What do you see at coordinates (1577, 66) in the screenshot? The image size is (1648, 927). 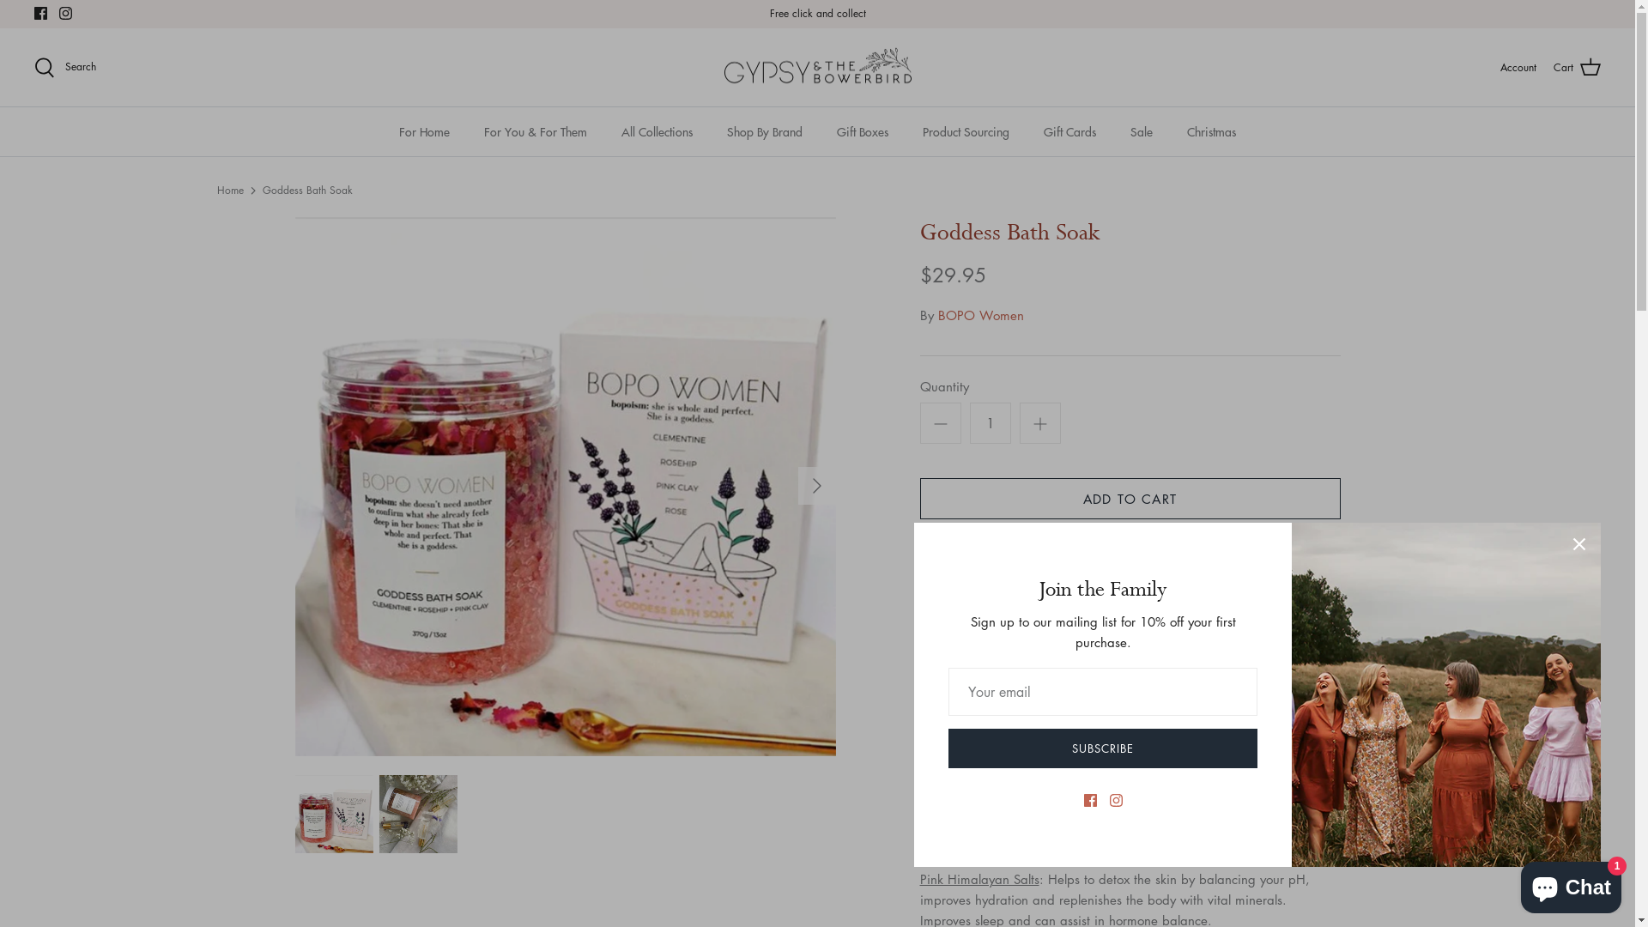 I see `'Cart'` at bounding box center [1577, 66].